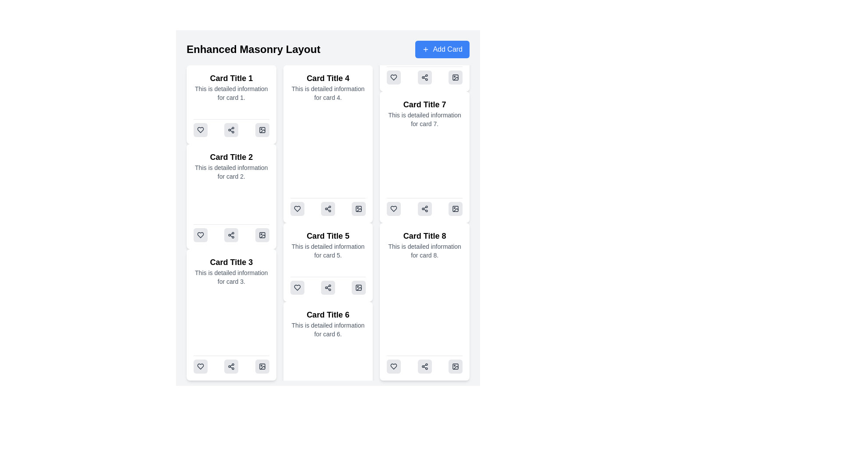  Describe the element at coordinates (297, 209) in the screenshot. I see `the heart-shaped icon on the left side of the group of three icons in the card labeled 'Card Title 4' to like or mark it as a favorite` at that location.